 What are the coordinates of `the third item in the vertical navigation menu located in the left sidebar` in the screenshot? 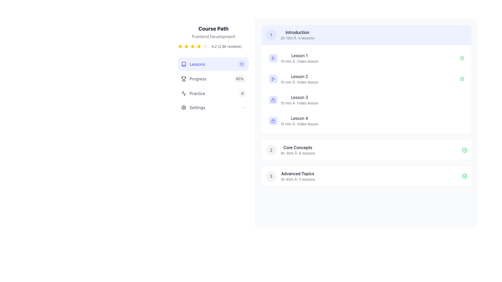 It's located at (213, 93).